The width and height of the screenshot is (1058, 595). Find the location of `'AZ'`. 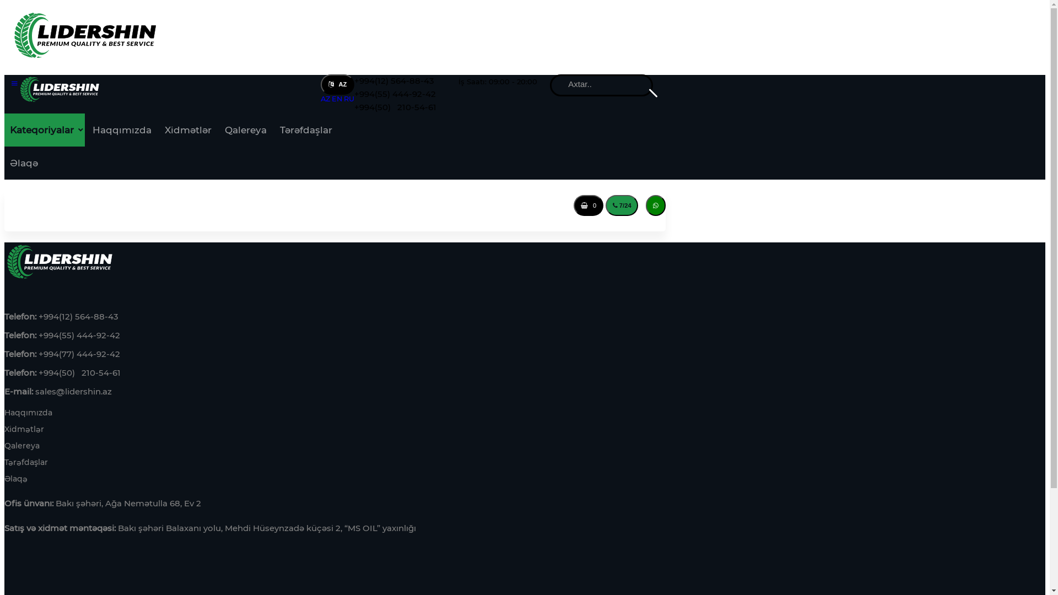

'AZ' is located at coordinates (325, 98).